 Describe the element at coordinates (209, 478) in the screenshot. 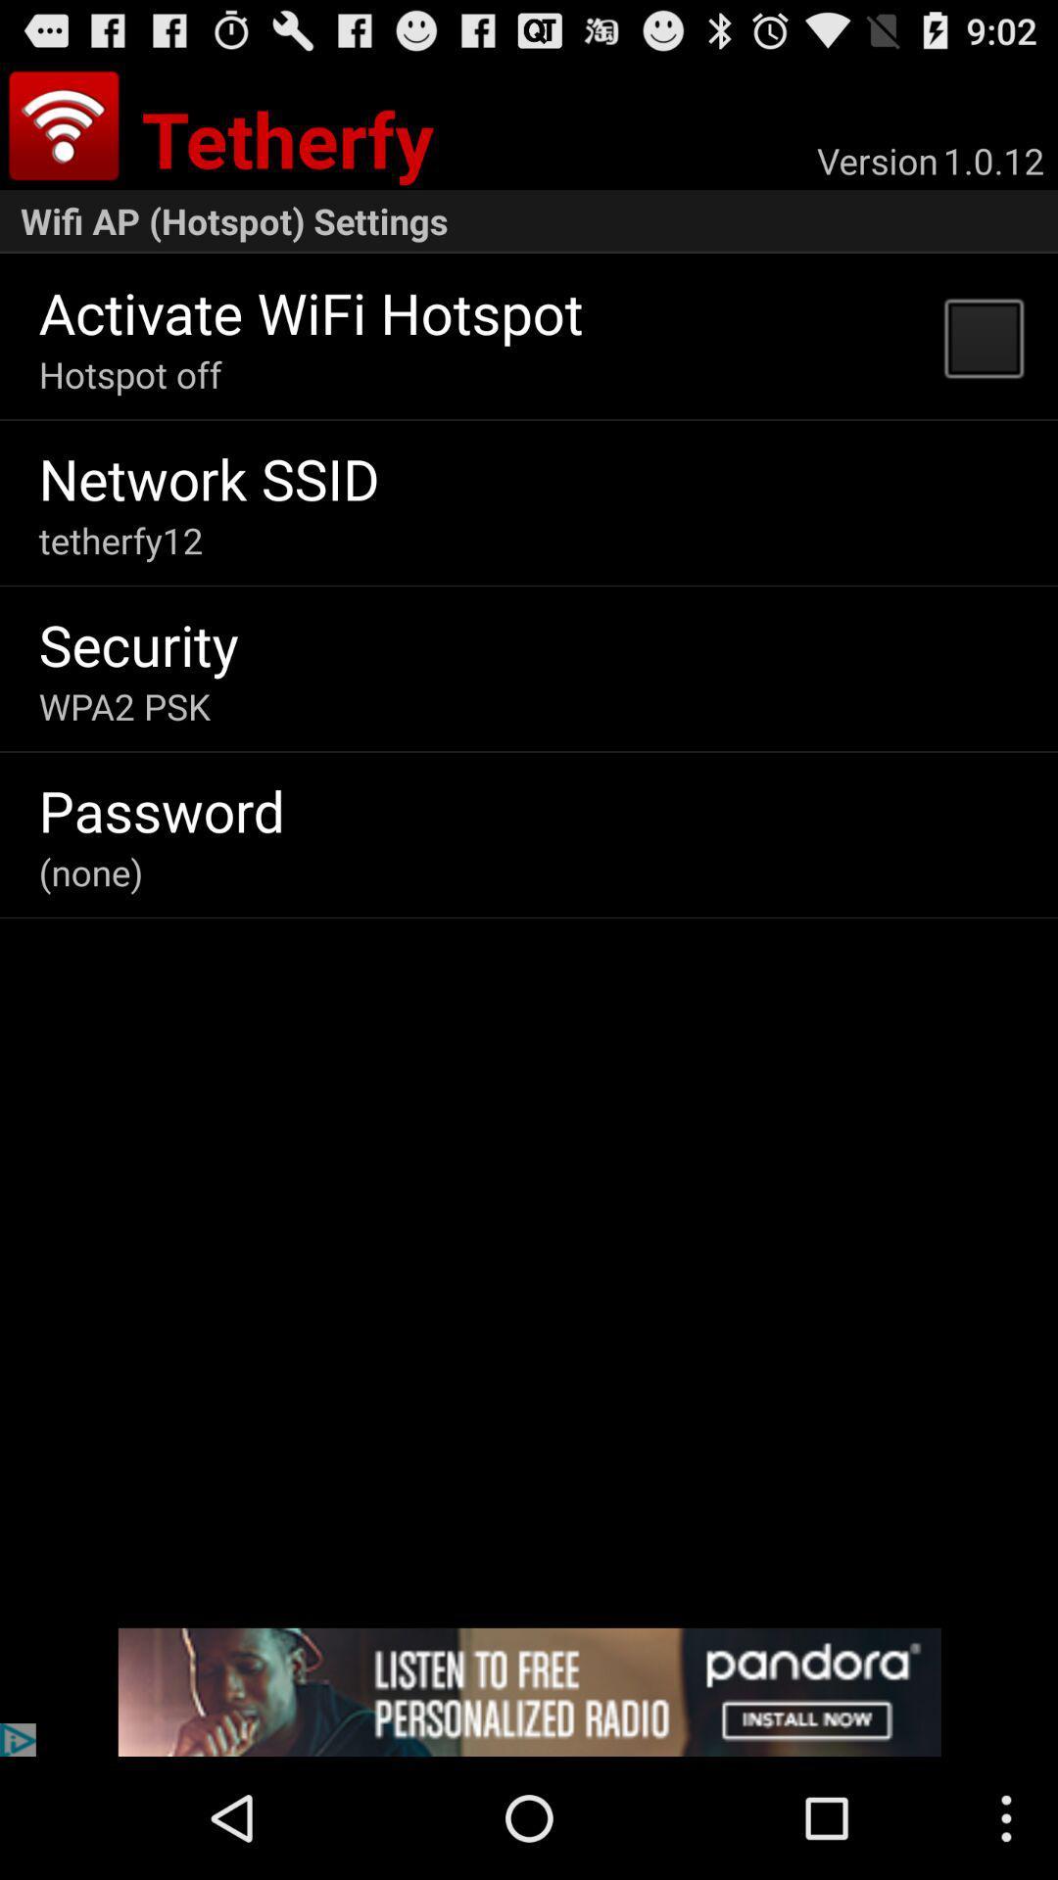

I see `the network ssid item` at that location.